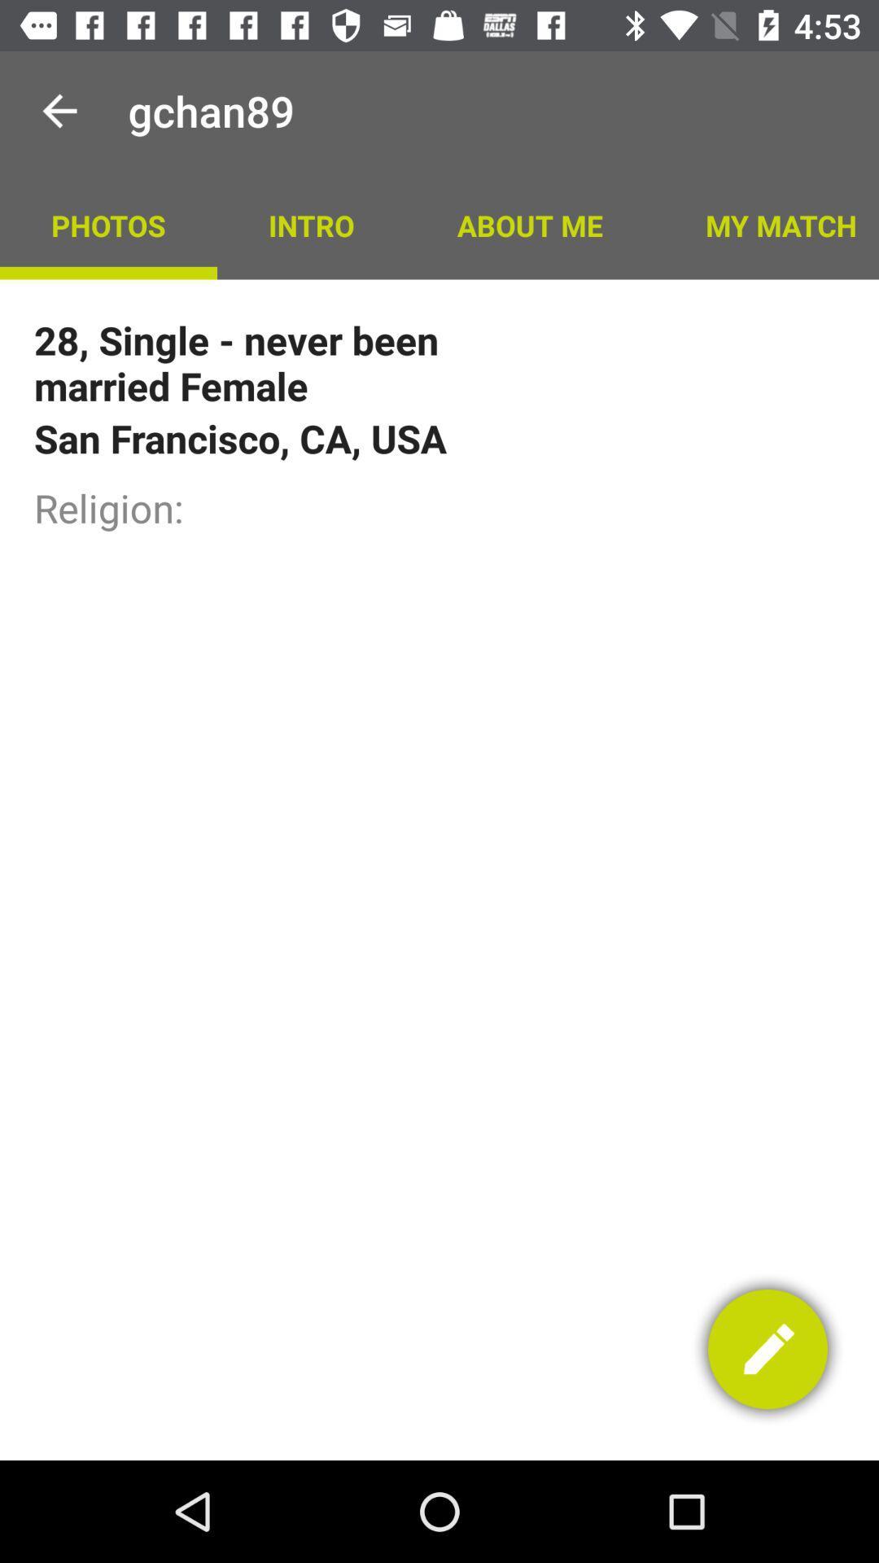  I want to click on app above photos app, so click(59, 110).